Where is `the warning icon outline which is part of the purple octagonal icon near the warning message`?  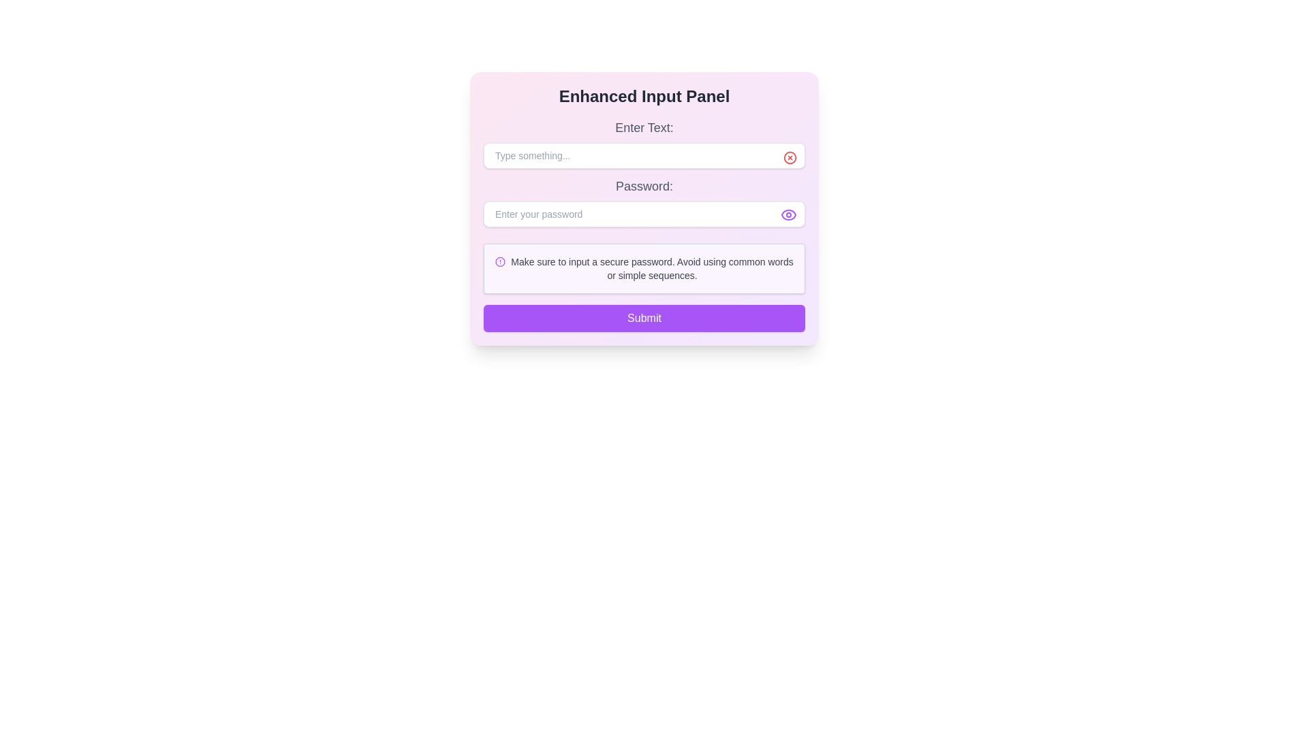 the warning icon outline which is part of the purple octagonal icon near the warning message is located at coordinates (499, 262).